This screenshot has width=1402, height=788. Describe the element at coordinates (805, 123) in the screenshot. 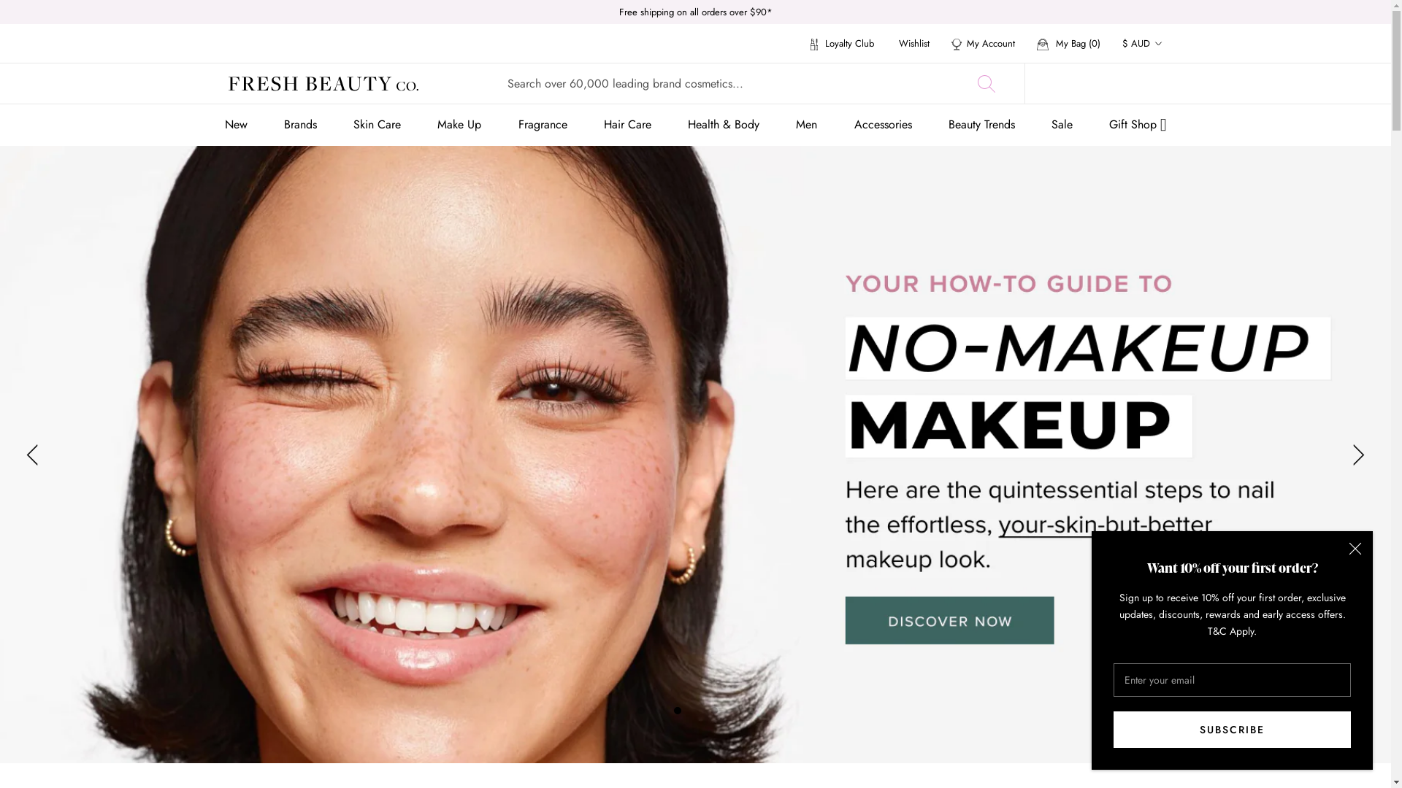

I see `'Men` at that location.